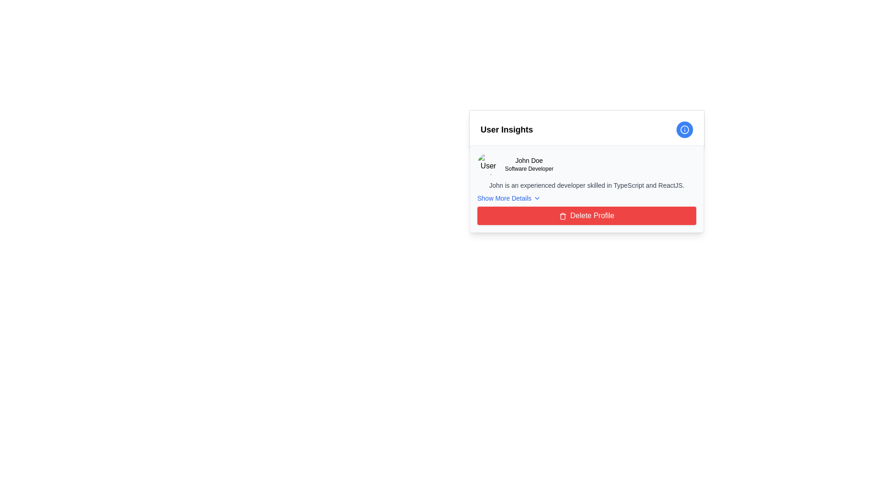 This screenshot has width=883, height=497. Describe the element at coordinates (537, 198) in the screenshot. I see `the downward arrow icon that is part of the 'Show More Details' link, located at the bottom of the user information panel` at that location.